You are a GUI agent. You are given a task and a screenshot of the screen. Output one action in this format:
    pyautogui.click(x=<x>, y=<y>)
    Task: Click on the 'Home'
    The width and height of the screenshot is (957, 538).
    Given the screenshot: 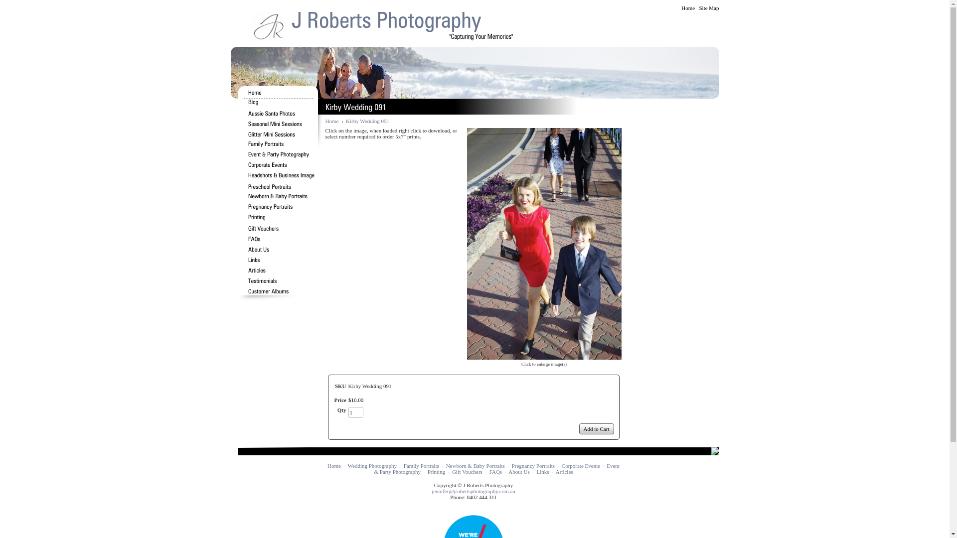 What is the action you would take?
    pyautogui.click(x=334, y=465)
    